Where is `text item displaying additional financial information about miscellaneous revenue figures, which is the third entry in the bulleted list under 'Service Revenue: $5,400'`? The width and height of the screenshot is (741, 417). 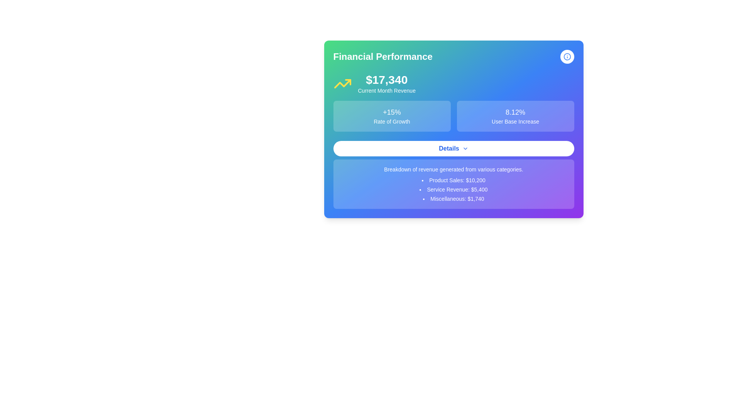 text item displaying additional financial information about miscellaneous revenue figures, which is the third entry in the bulleted list under 'Service Revenue: $5,400' is located at coordinates (453, 198).